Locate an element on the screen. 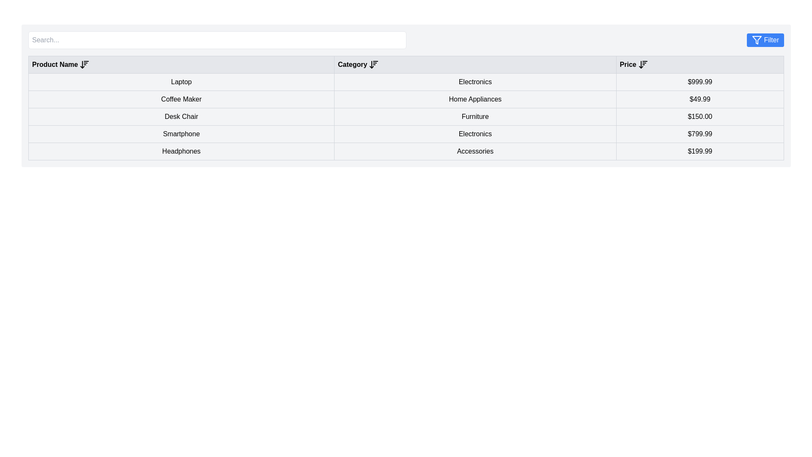 The height and width of the screenshot is (457, 812). text of the category label located in the second row, second column of the table, positioned between 'Coffee Maker' and '$49.99' is located at coordinates (475, 99).